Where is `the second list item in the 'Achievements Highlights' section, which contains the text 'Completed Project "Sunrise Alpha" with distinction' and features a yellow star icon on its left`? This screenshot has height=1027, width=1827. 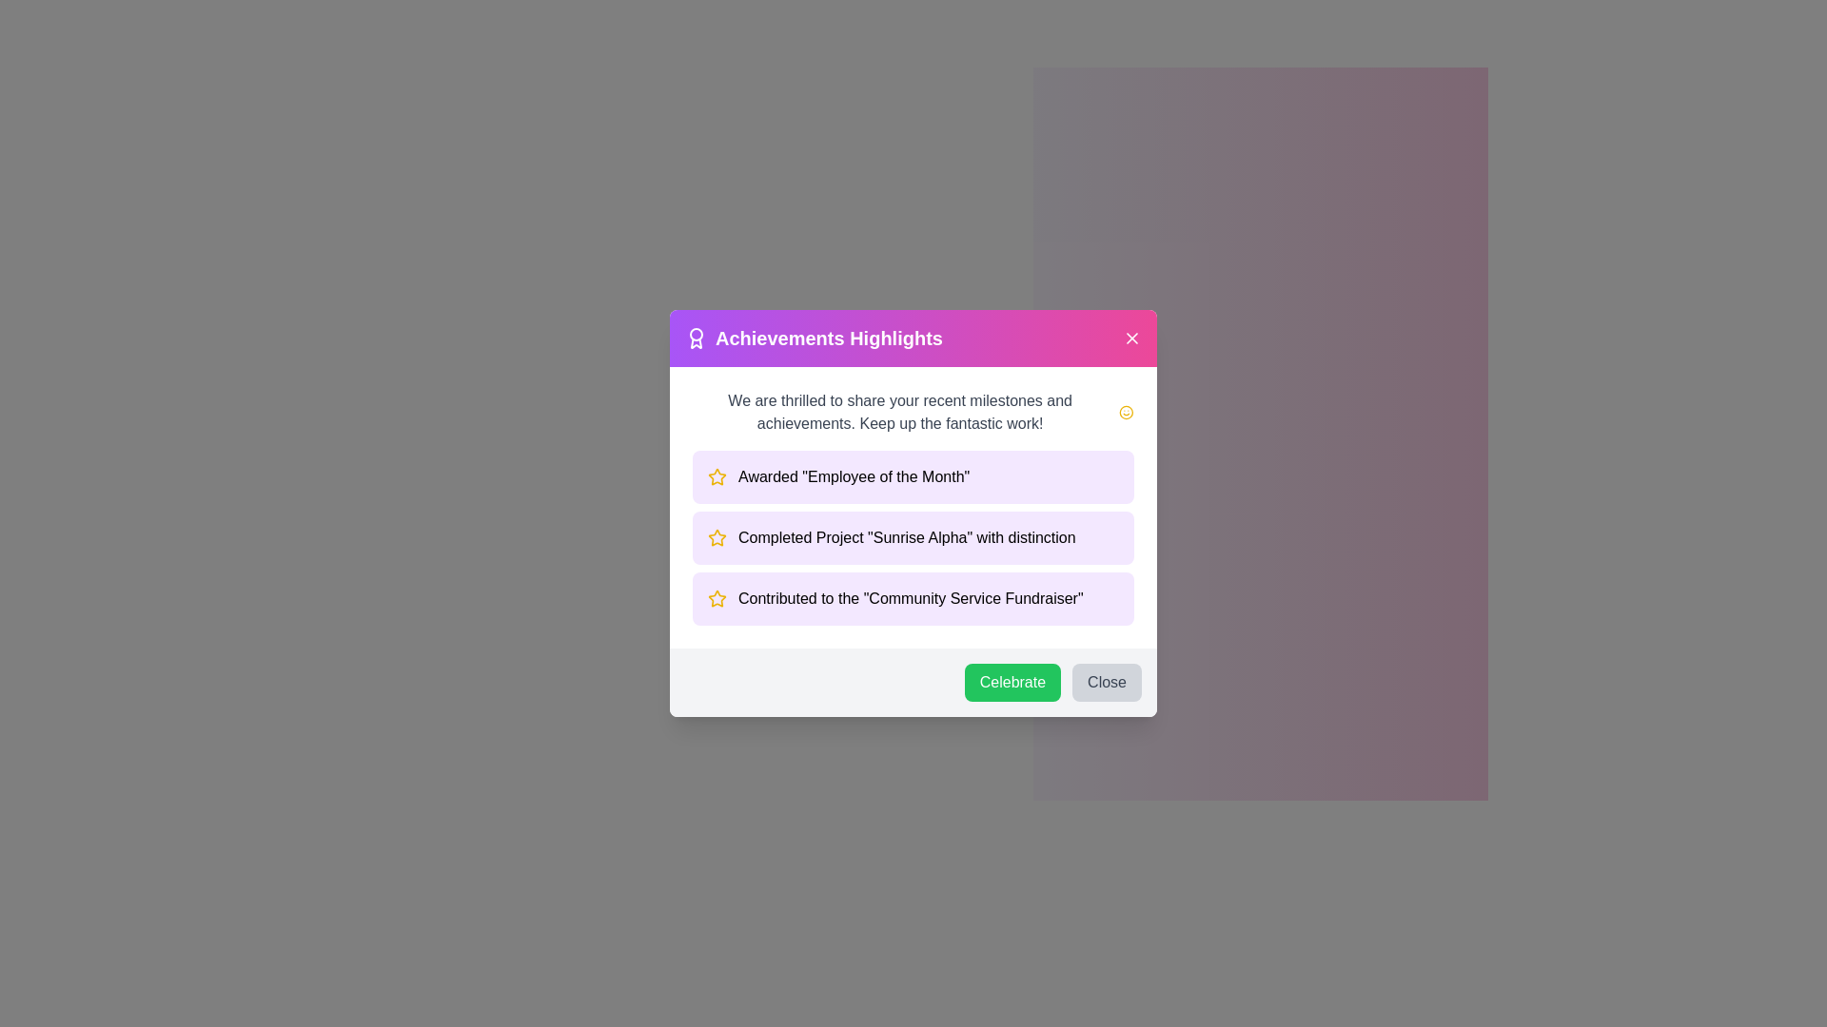 the second list item in the 'Achievements Highlights' section, which contains the text 'Completed Project "Sunrise Alpha" with distinction' and features a yellow star icon on its left is located at coordinates (913, 538).